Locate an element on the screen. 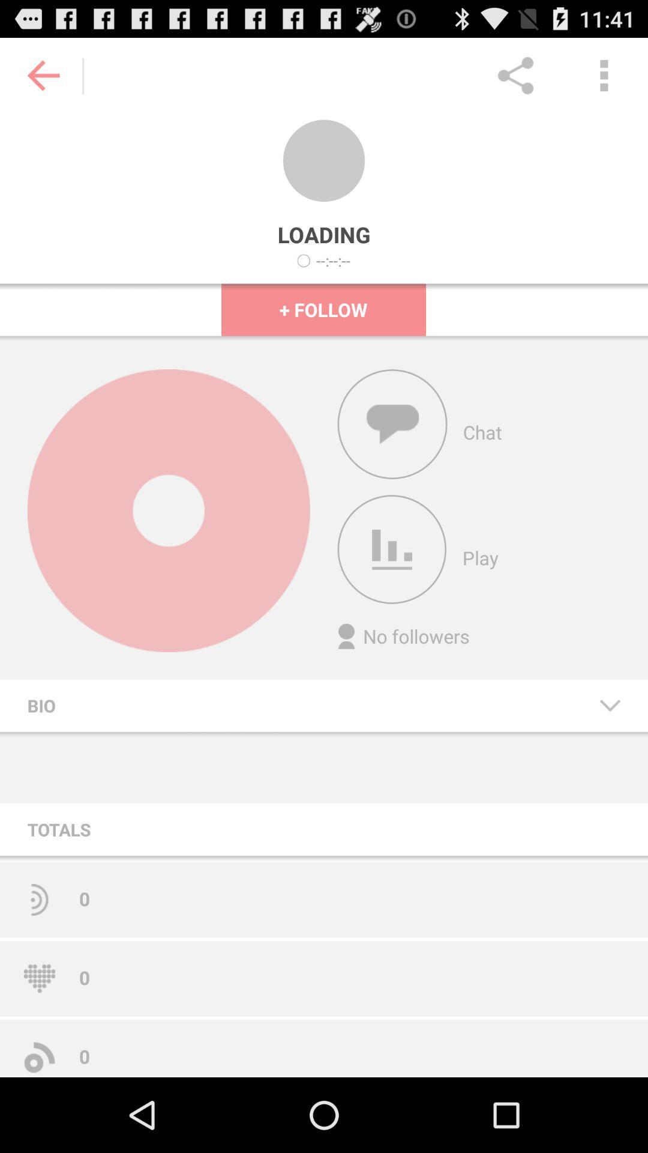 The height and width of the screenshot is (1153, 648). the + follow item is located at coordinates (323, 309).